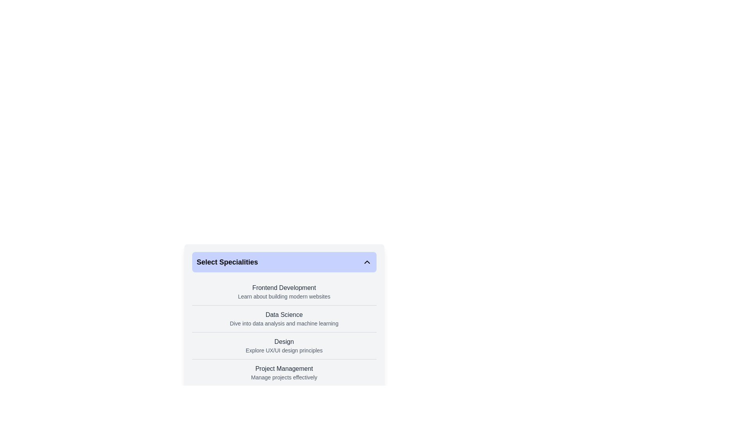 This screenshot has height=422, width=750. Describe the element at coordinates (284, 319) in the screenshot. I see `the List item element titled 'Data Science'` at that location.